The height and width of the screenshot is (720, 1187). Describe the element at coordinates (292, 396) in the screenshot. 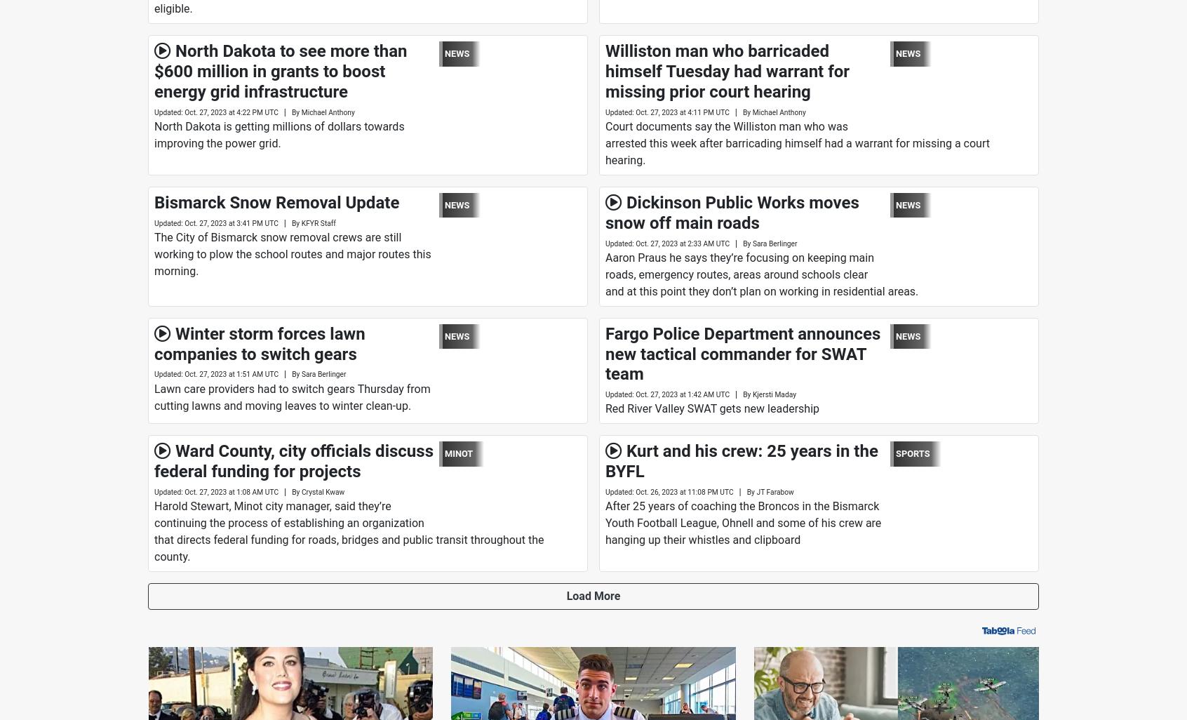

I see `'Lawn care providers had to switch gears Thursday from cutting lawns and moving leaves to winter clean-up.'` at that location.